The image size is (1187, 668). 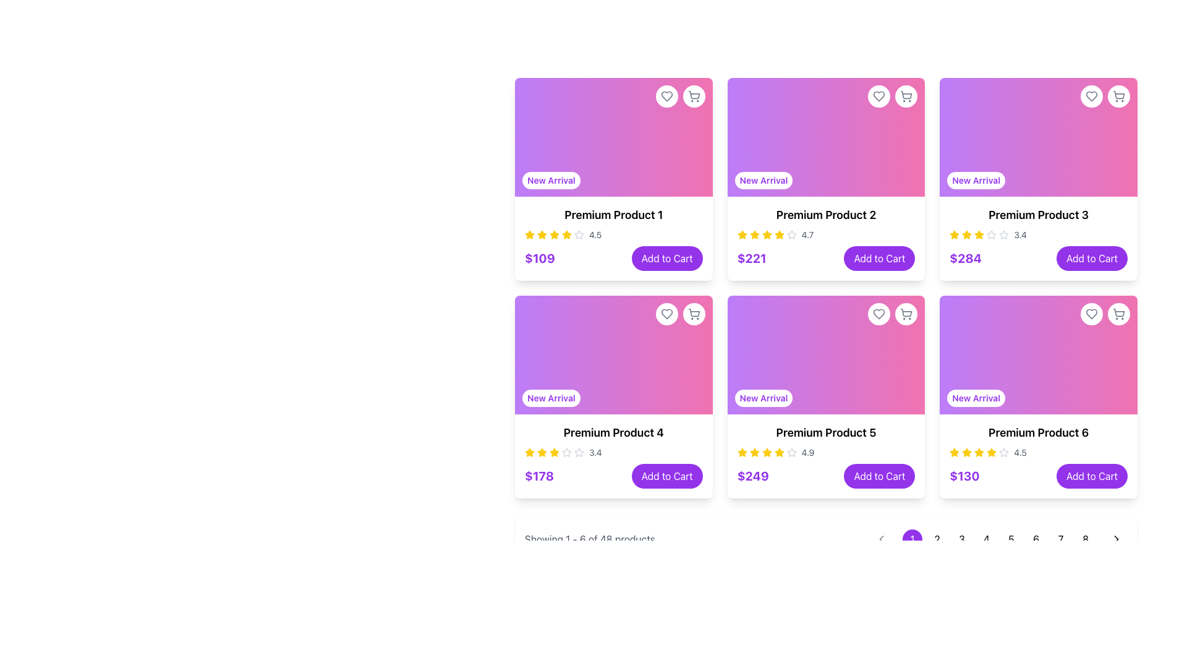 What do you see at coordinates (778, 235) in the screenshot?
I see `the fifth star icon in the series of six star icons located below the 'Premium Product 2' card, which signifies the average rating of the product` at bounding box center [778, 235].